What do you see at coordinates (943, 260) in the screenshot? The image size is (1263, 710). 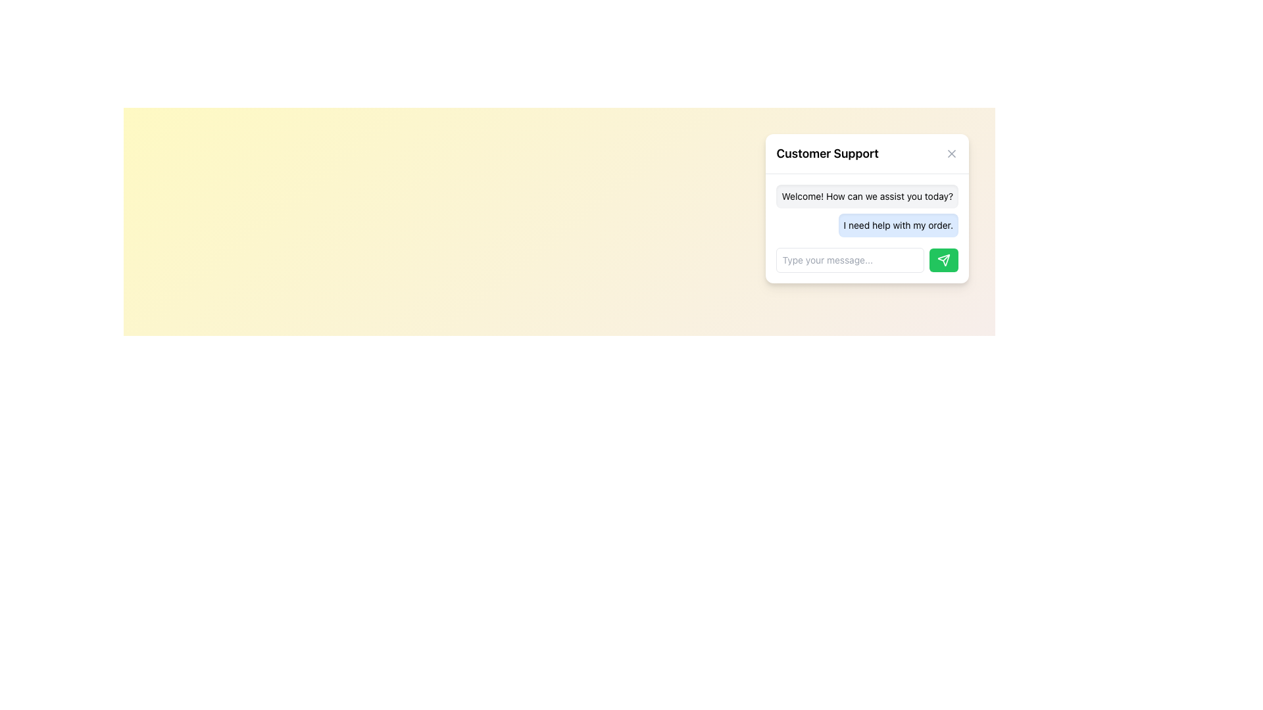 I see `the 'send' icon located at the bottom-right corner of the chat window, which is part of a green button used for sending messages` at bounding box center [943, 260].